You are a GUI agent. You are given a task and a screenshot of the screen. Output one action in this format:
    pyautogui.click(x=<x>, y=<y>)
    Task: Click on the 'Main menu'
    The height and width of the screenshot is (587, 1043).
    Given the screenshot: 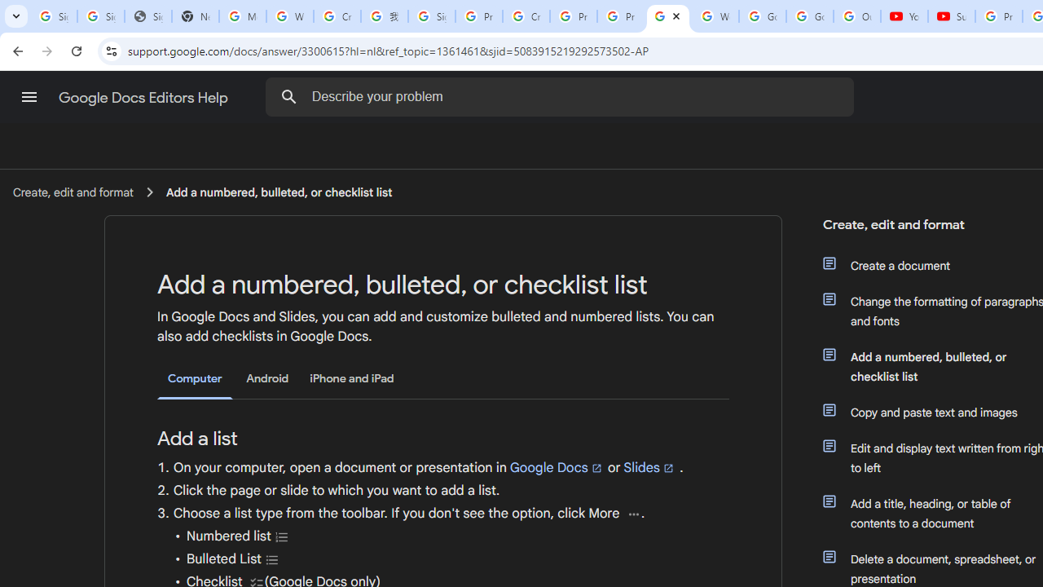 What is the action you would take?
    pyautogui.click(x=29, y=97)
    